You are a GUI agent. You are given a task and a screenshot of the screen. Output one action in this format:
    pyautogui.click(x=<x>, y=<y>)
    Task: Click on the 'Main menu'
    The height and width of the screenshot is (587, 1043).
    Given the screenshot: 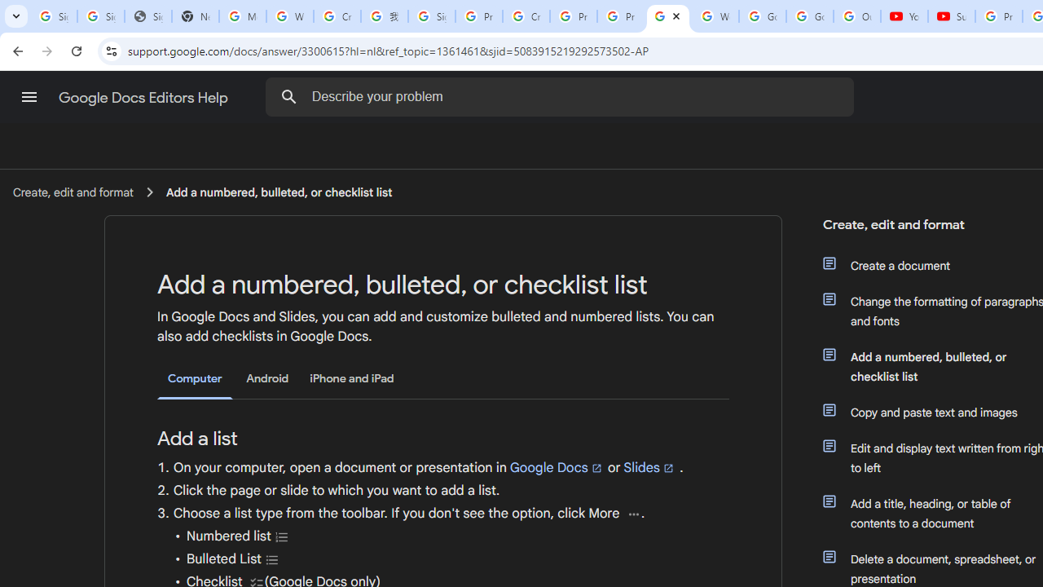 What is the action you would take?
    pyautogui.click(x=29, y=97)
    